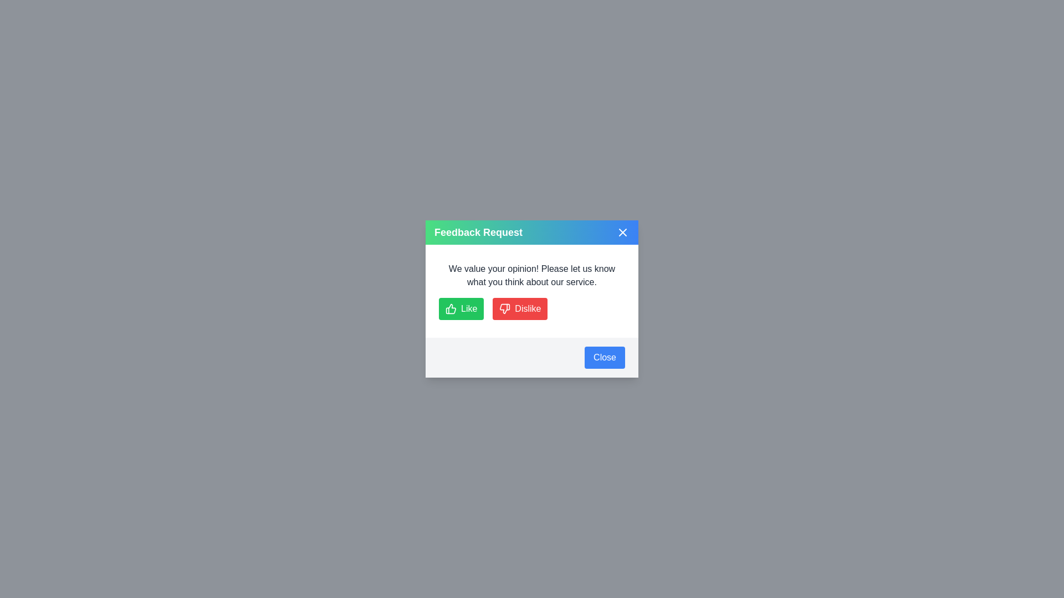 Image resolution: width=1064 pixels, height=598 pixels. I want to click on the 'X' button in the header of the FeedbackDialog, so click(622, 232).